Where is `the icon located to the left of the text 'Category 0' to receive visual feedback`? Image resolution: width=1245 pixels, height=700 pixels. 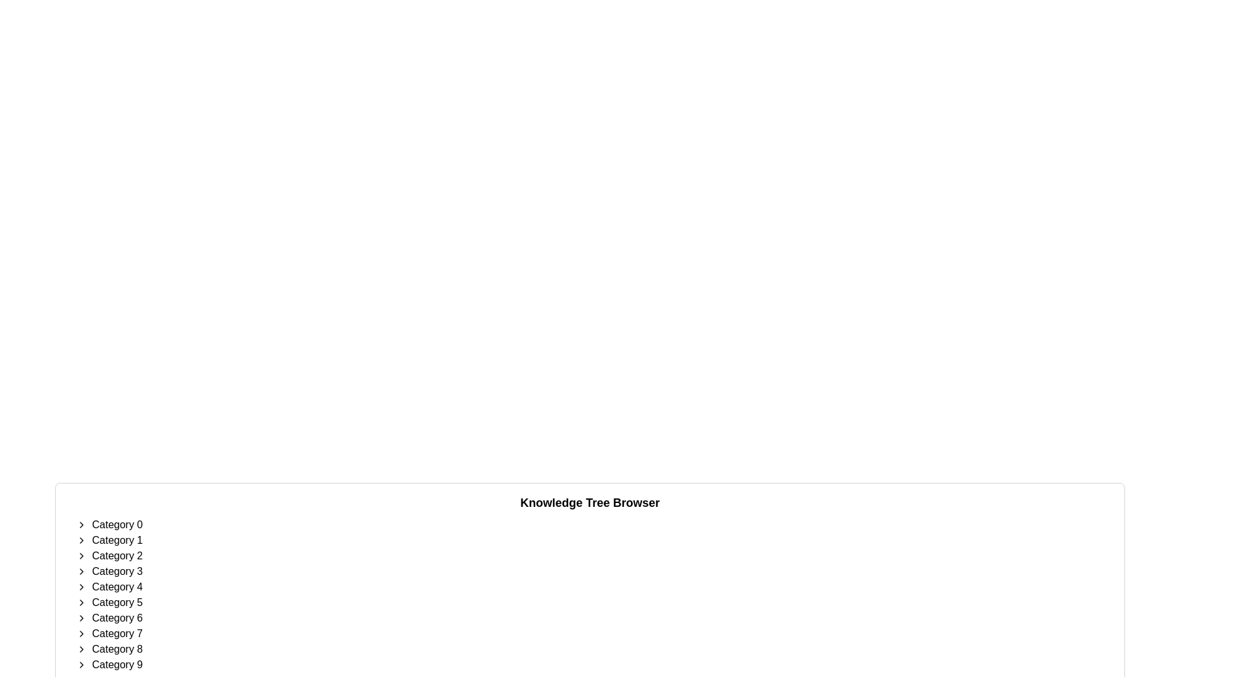
the icon located to the left of the text 'Category 0' to receive visual feedback is located at coordinates (80, 525).